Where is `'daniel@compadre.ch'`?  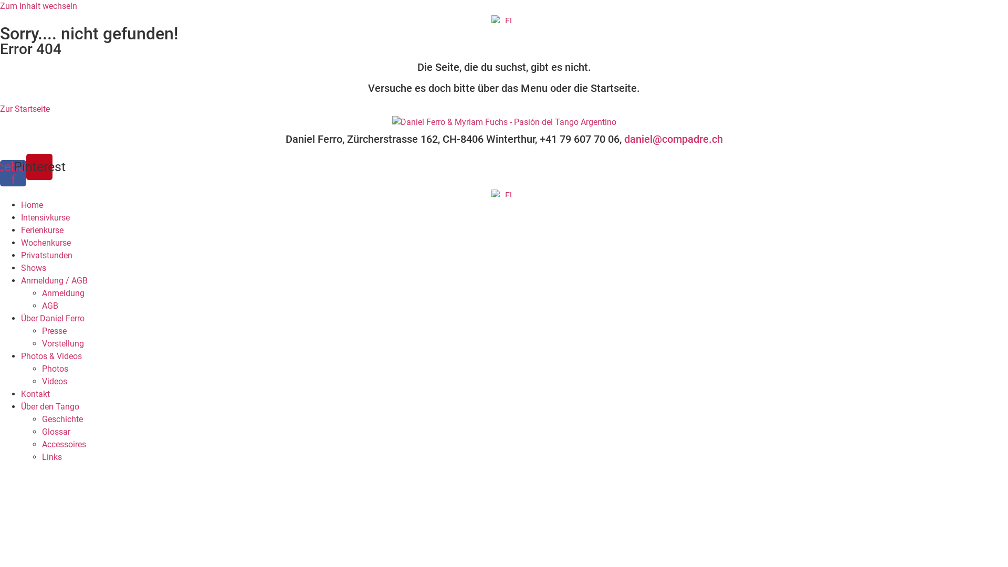
'daniel@compadre.ch' is located at coordinates (624, 139).